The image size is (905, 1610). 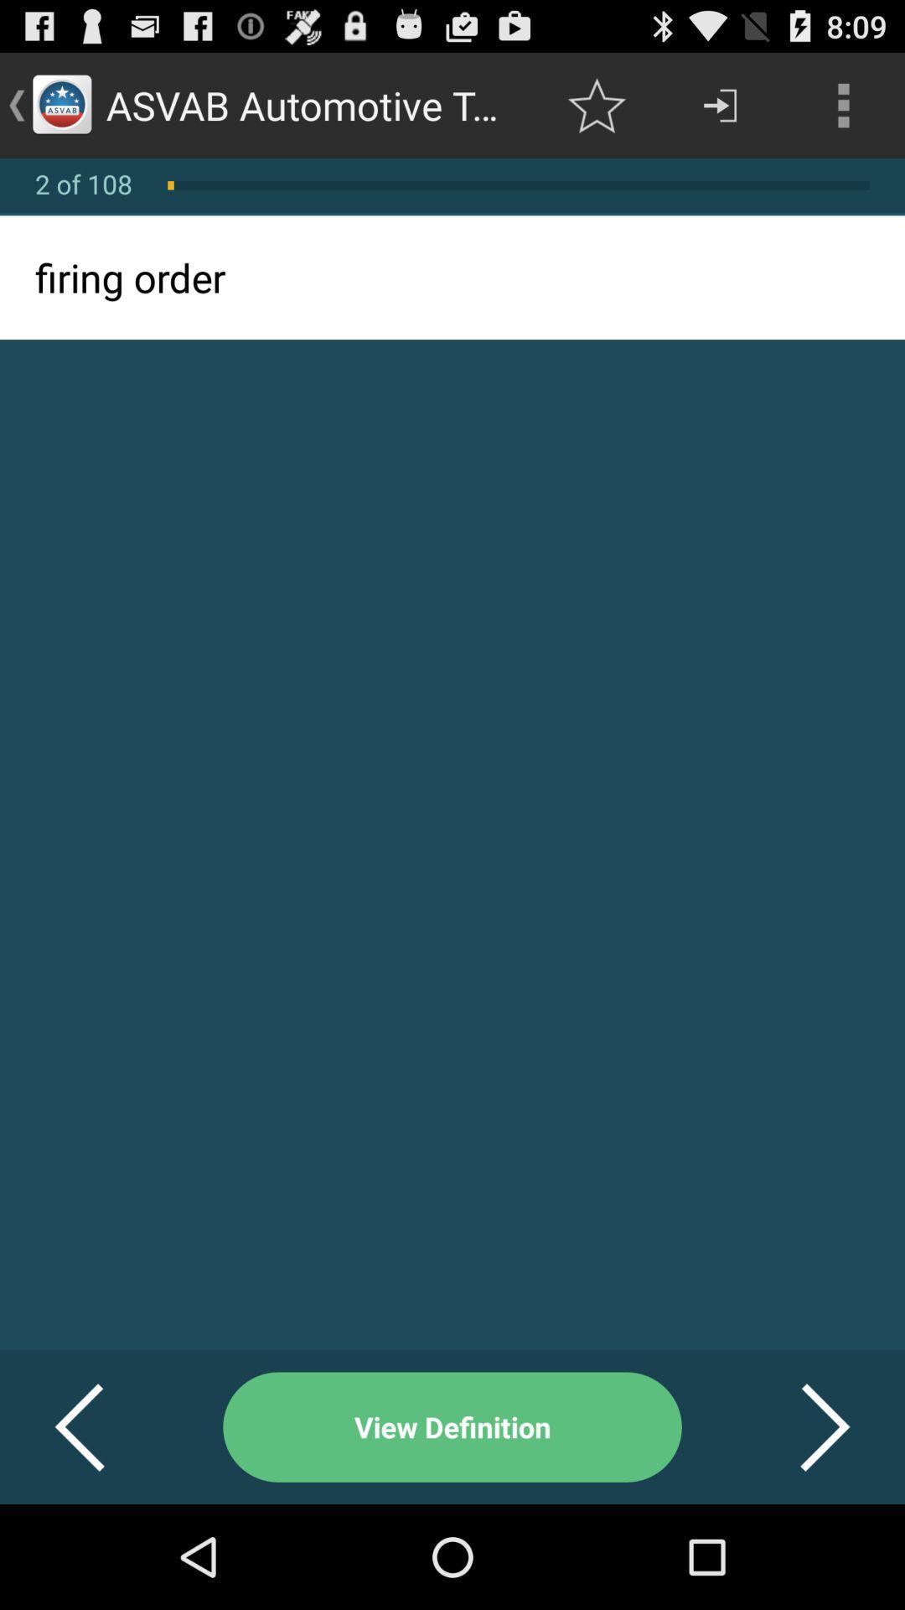 What do you see at coordinates (804, 1426) in the screenshot?
I see `the icon next to the view definition icon` at bounding box center [804, 1426].